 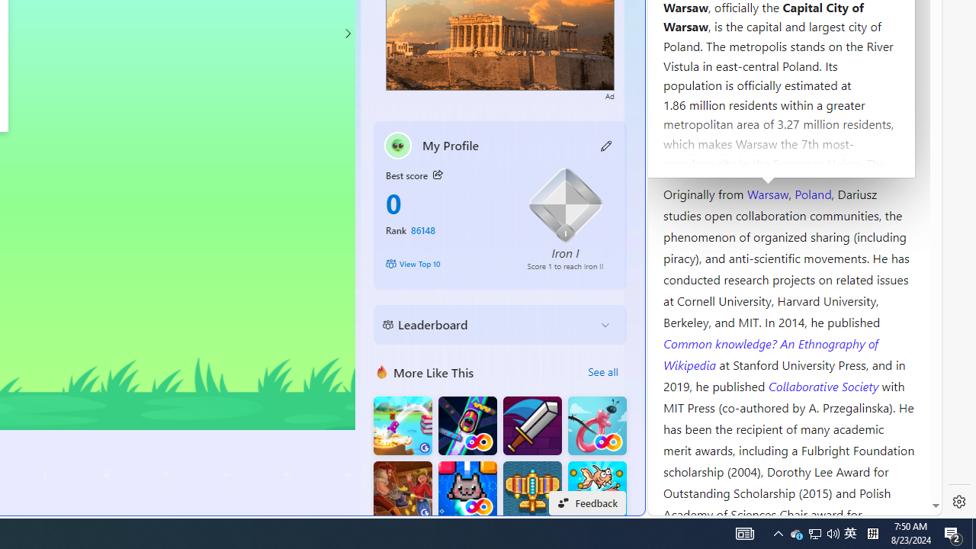 I want to click on 'Leaderboard', so click(x=488, y=323).